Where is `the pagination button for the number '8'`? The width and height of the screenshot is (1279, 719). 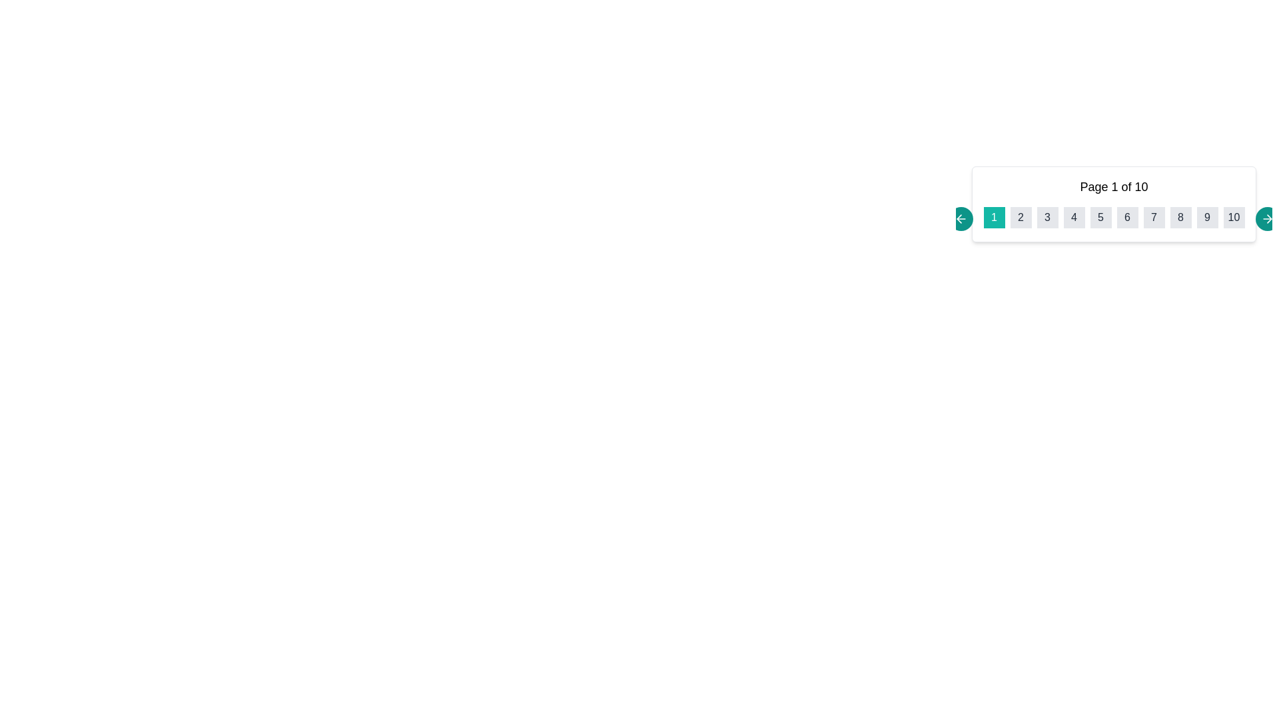
the pagination button for the number '8' is located at coordinates (1180, 217).